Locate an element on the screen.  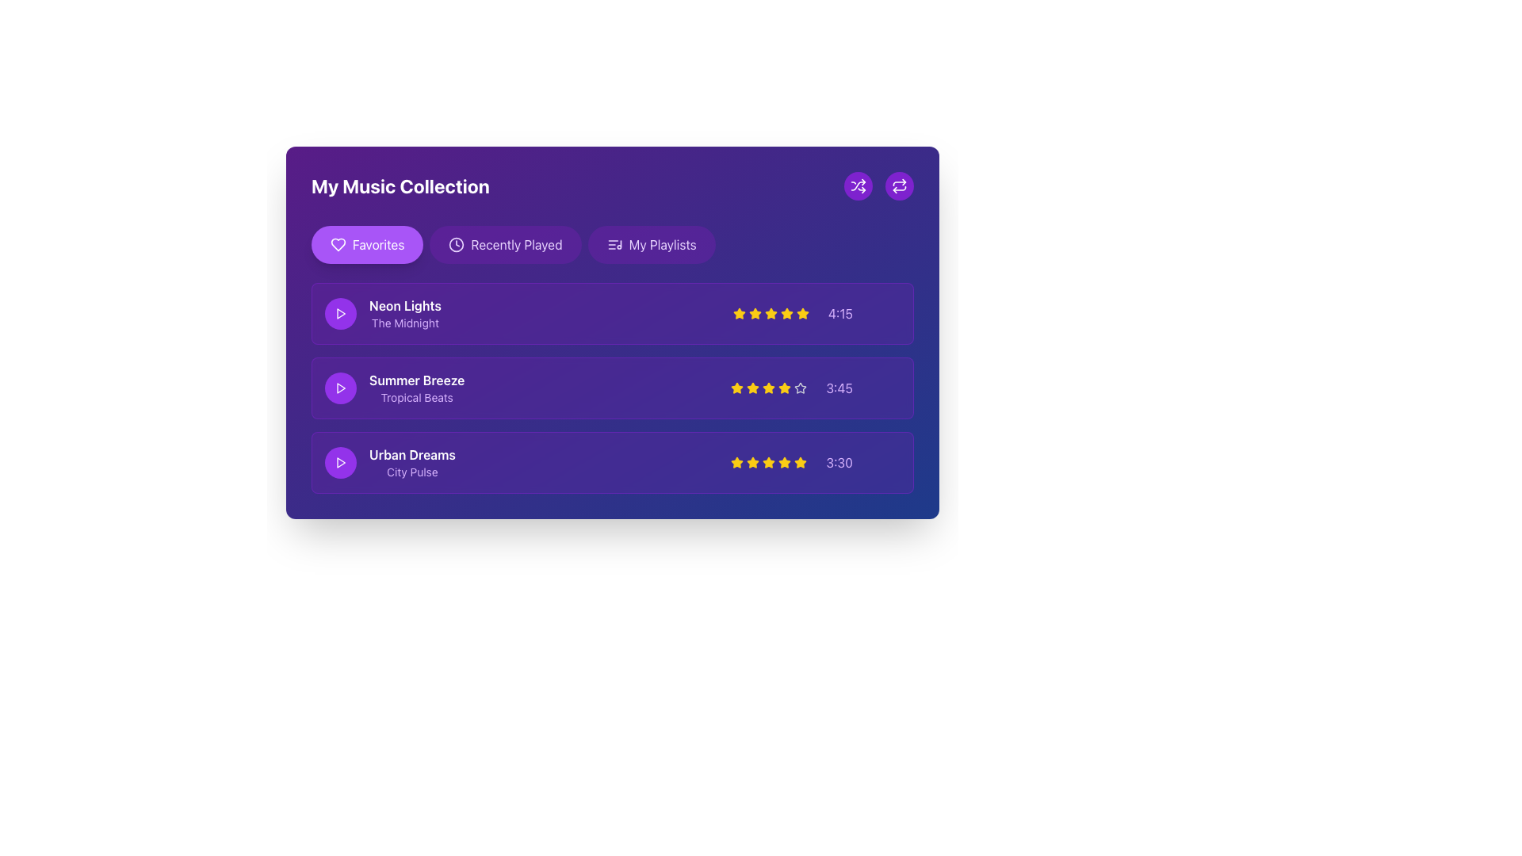
the second yellow five-pointed star icon in the rating system under the 'Favorites' tab in the 'My Music Collection' section to visualize interaction potential is located at coordinates (771, 313).